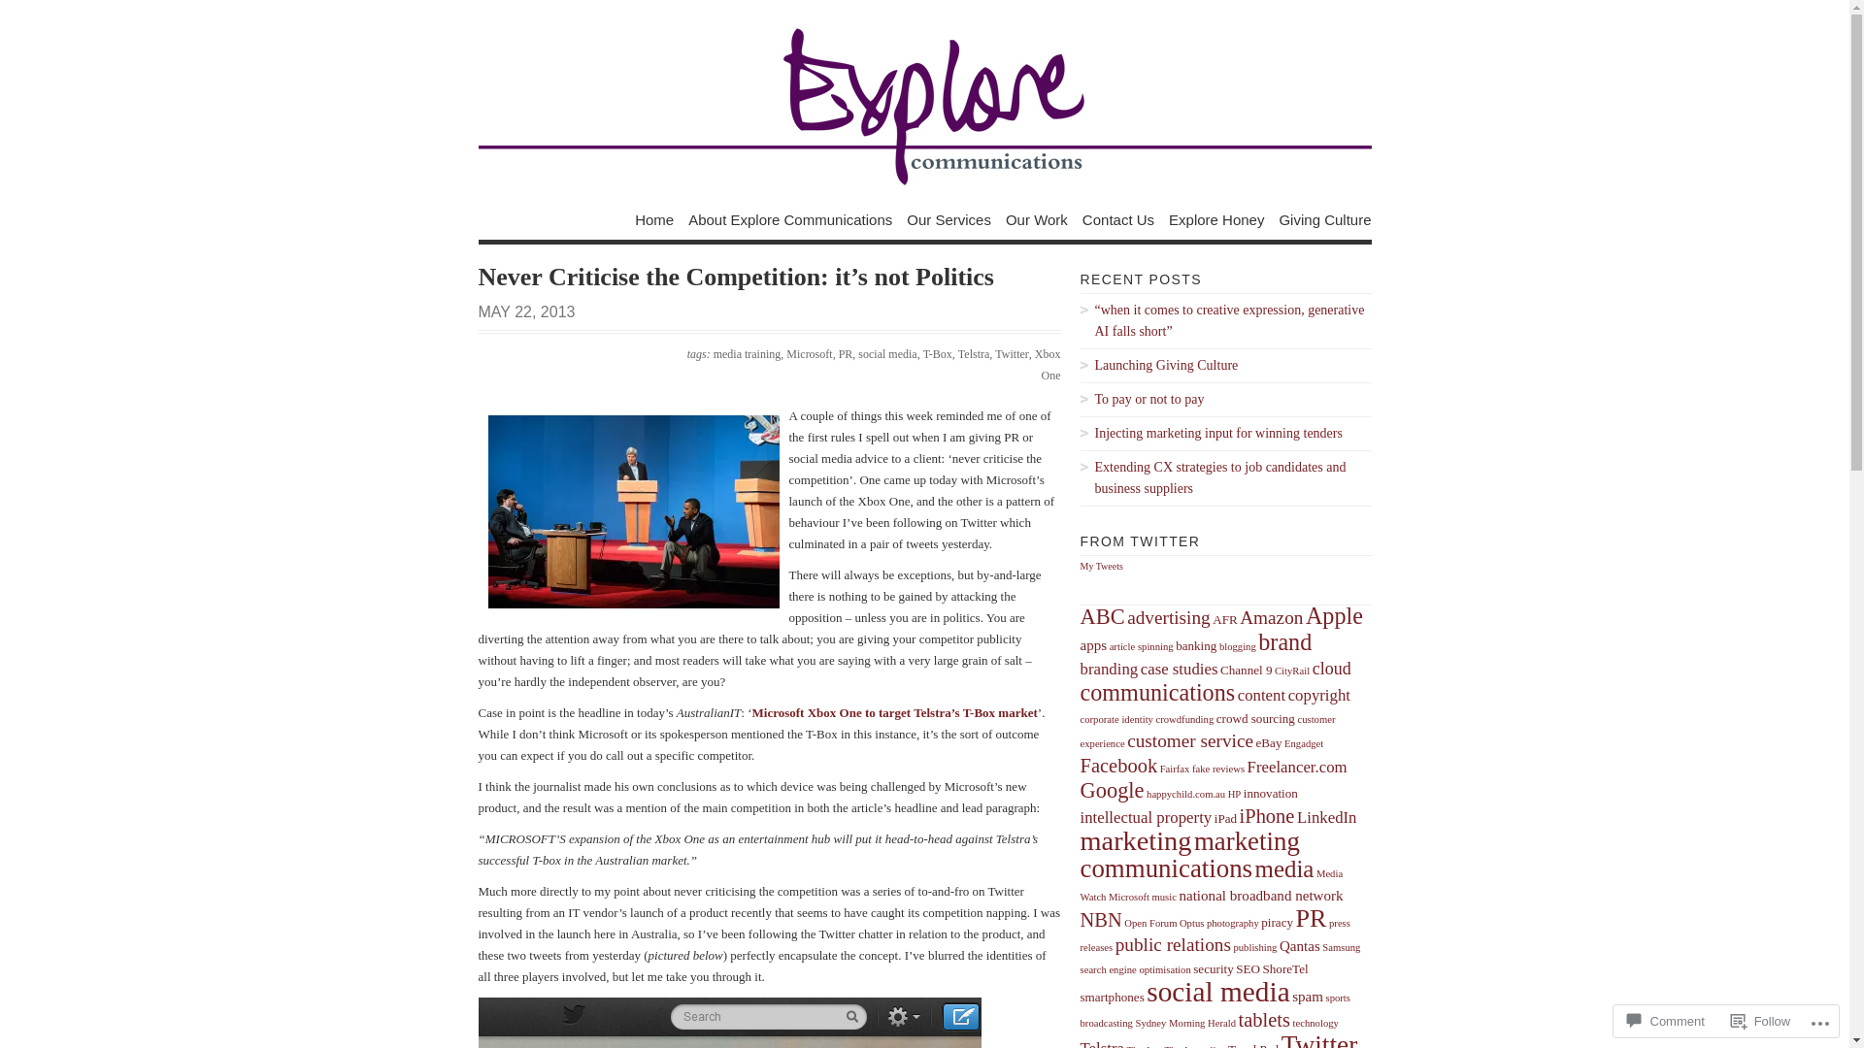 The height and width of the screenshot is (1048, 1864). I want to click on 'iPhone', so click(1267, 815).